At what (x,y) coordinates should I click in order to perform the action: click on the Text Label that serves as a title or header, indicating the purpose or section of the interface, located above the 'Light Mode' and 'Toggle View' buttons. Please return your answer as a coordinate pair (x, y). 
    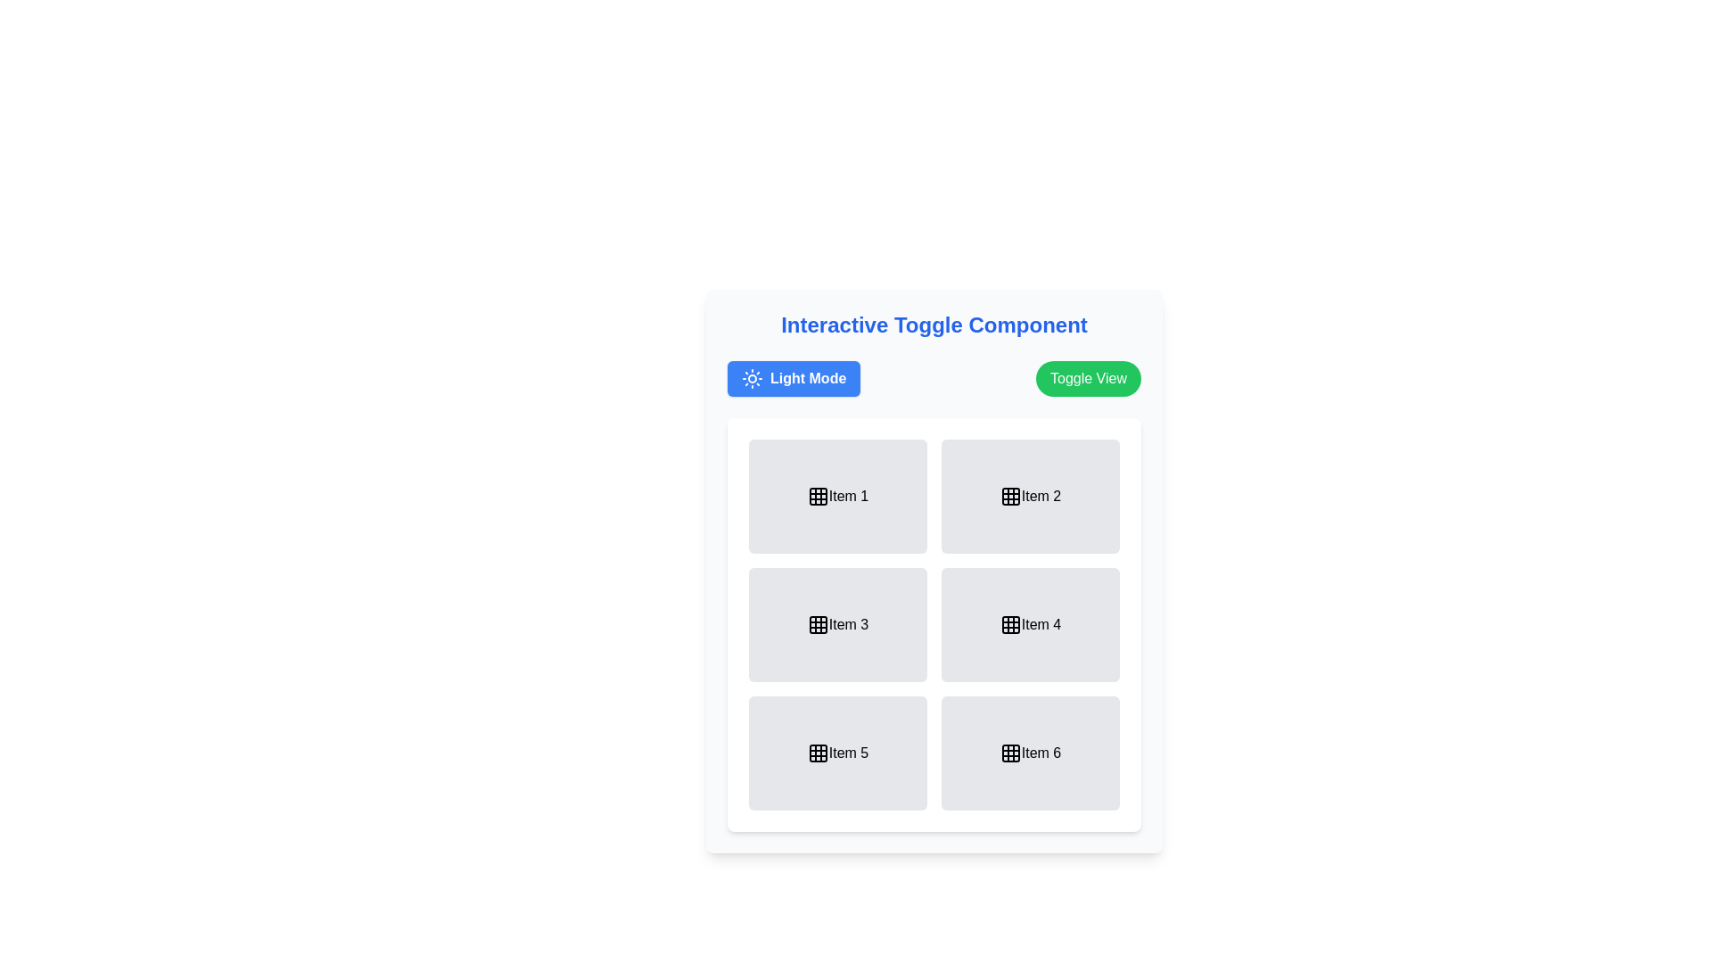
    Looking at the image, I should click on (933, 325).